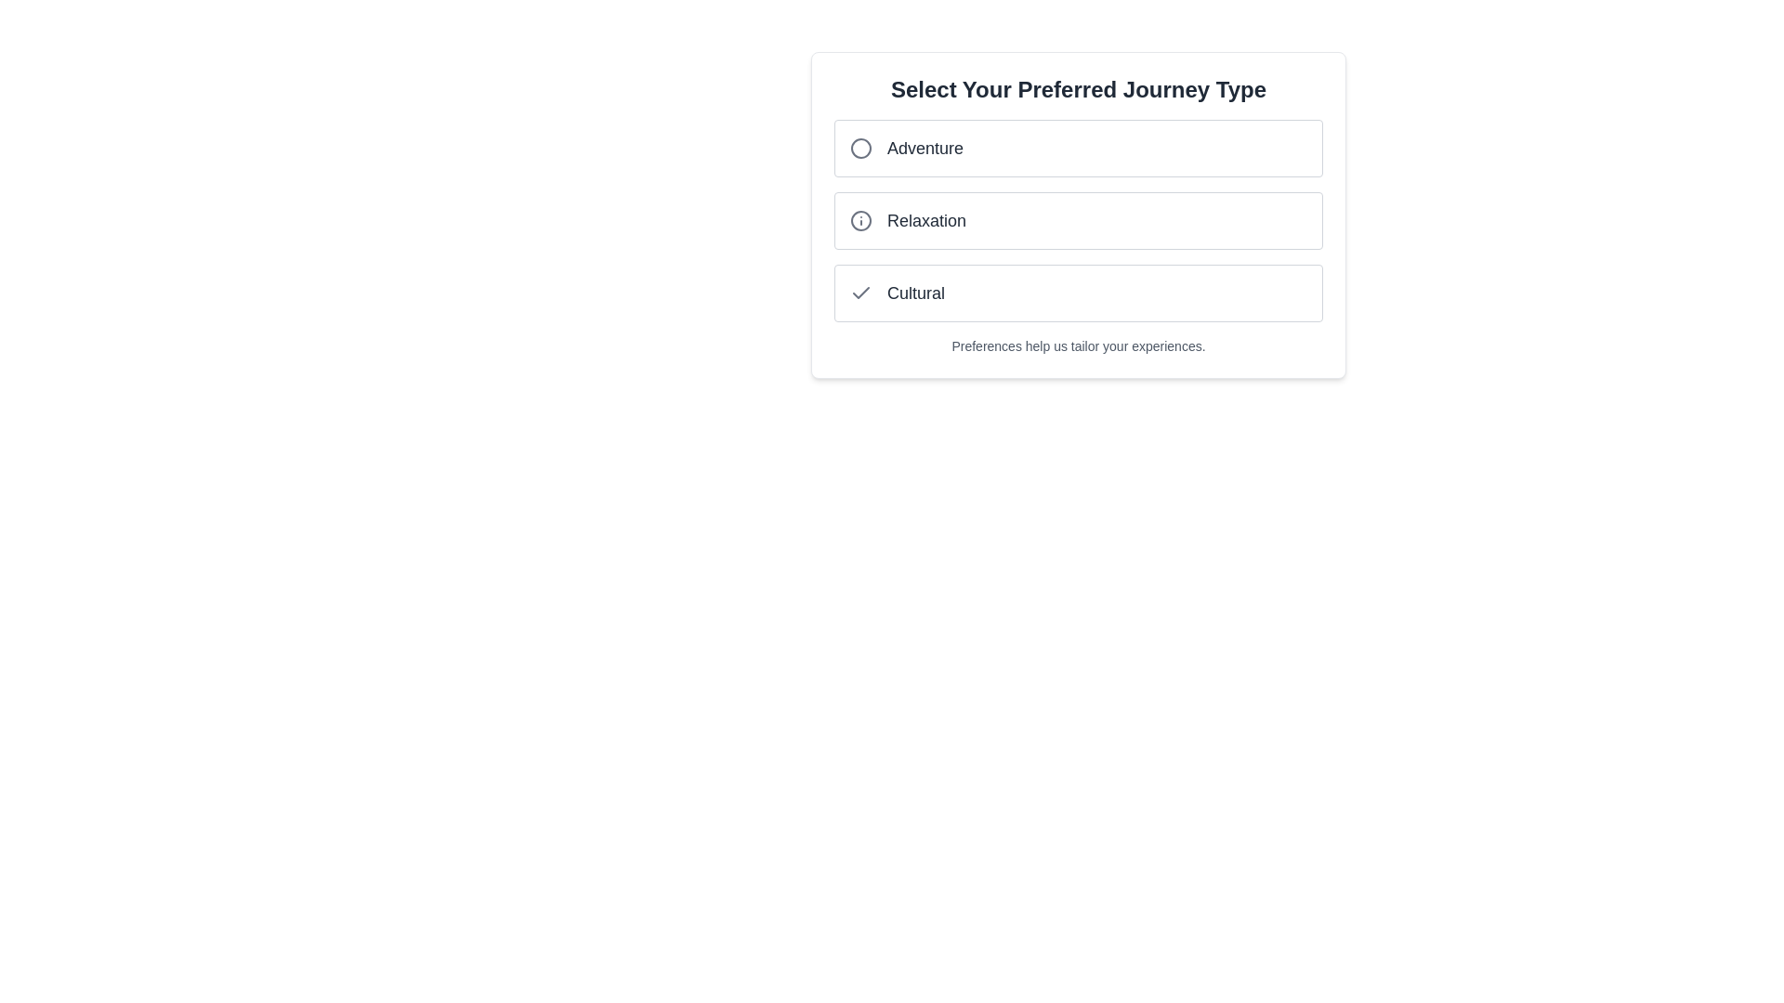  What do you see at coordinates (1079, 147) in the screenshot?
I see `the first selectable option labeled 'Adventure' in the list of options` at bounding box center [1079, 147].